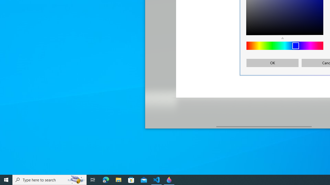  What do you see at coordinates (6, 179) in the screenshot?
I see `'Start'` at bounding box center [6, 179].